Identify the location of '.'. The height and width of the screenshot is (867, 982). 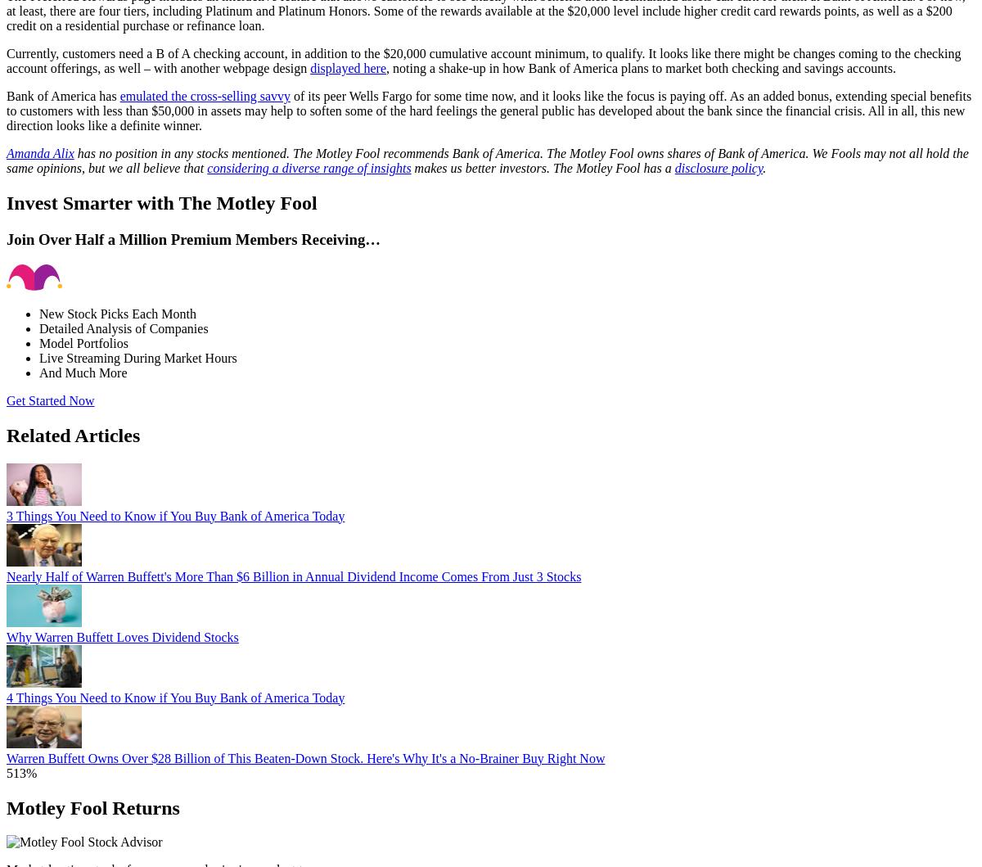
(764, 167).